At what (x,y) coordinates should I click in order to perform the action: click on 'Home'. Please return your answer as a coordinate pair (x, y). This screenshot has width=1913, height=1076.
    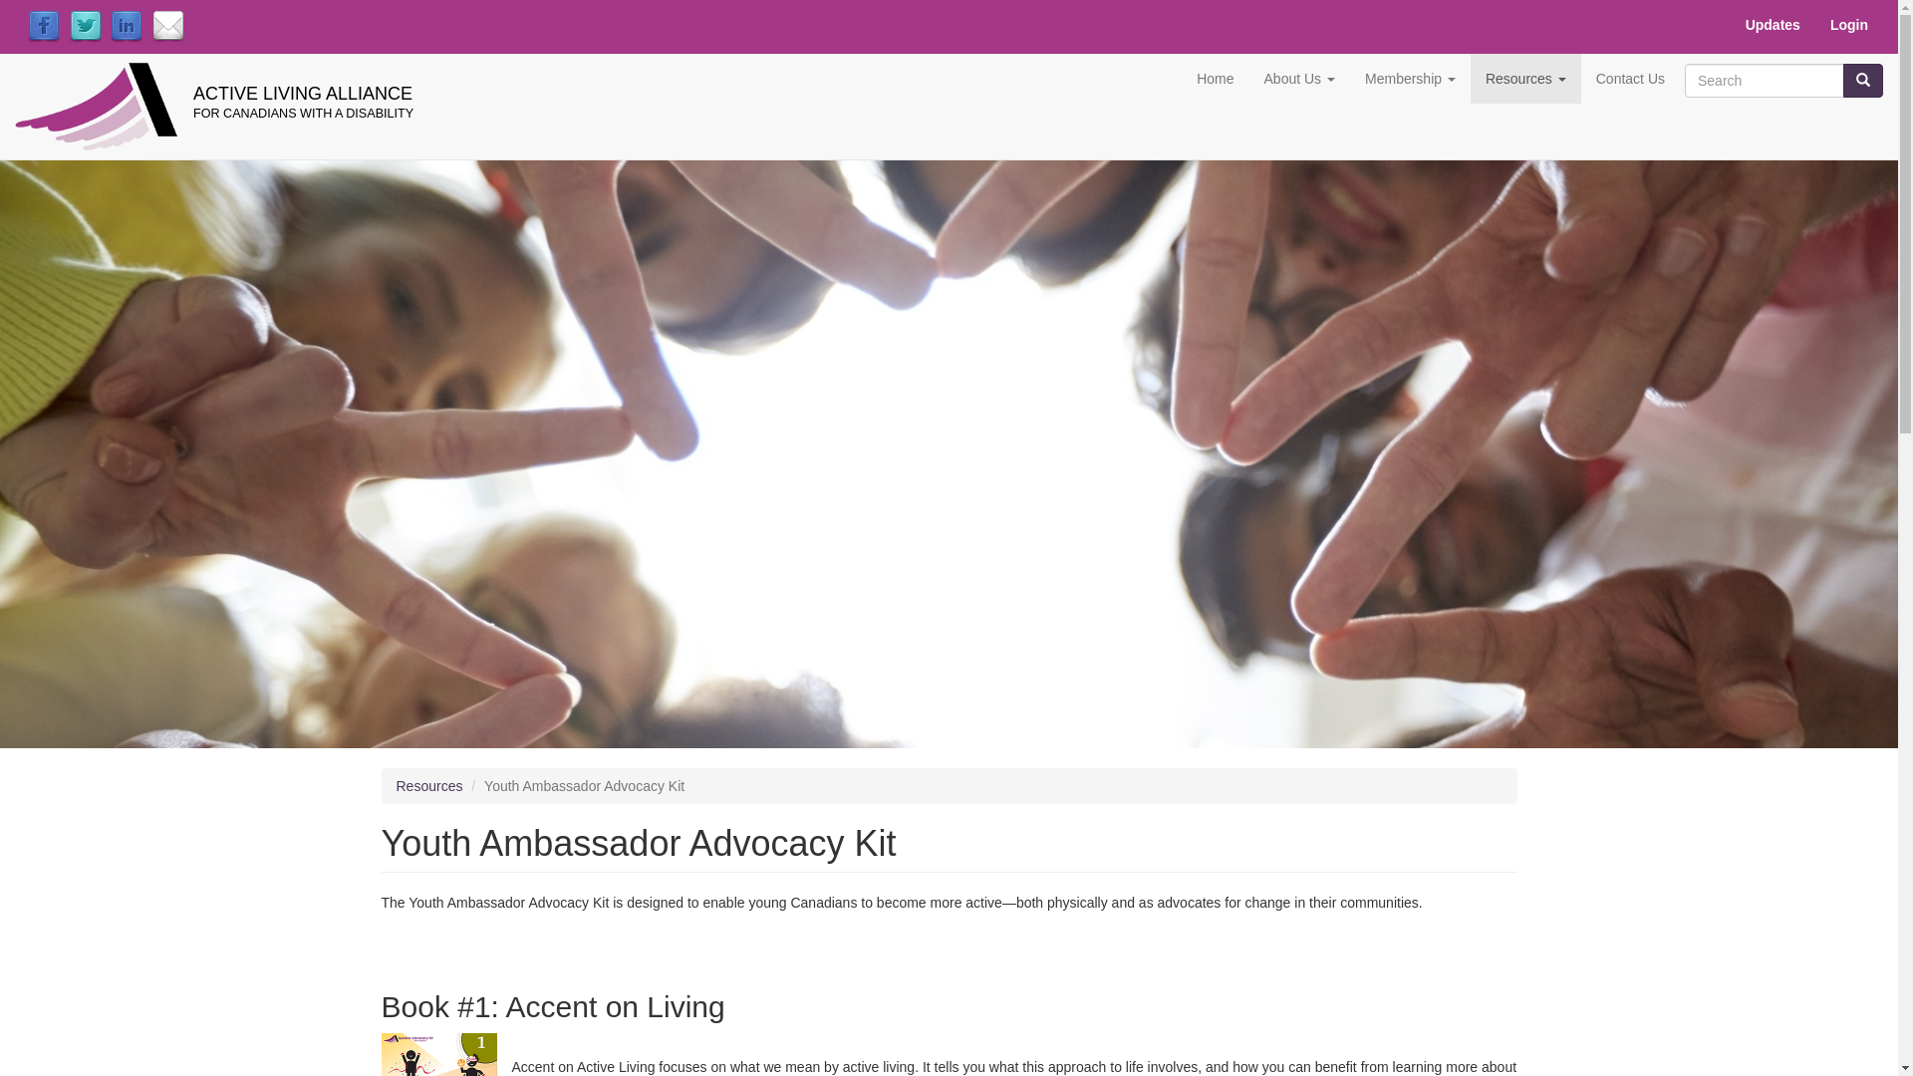
    Looking at the image, I should click on (1214, 77).